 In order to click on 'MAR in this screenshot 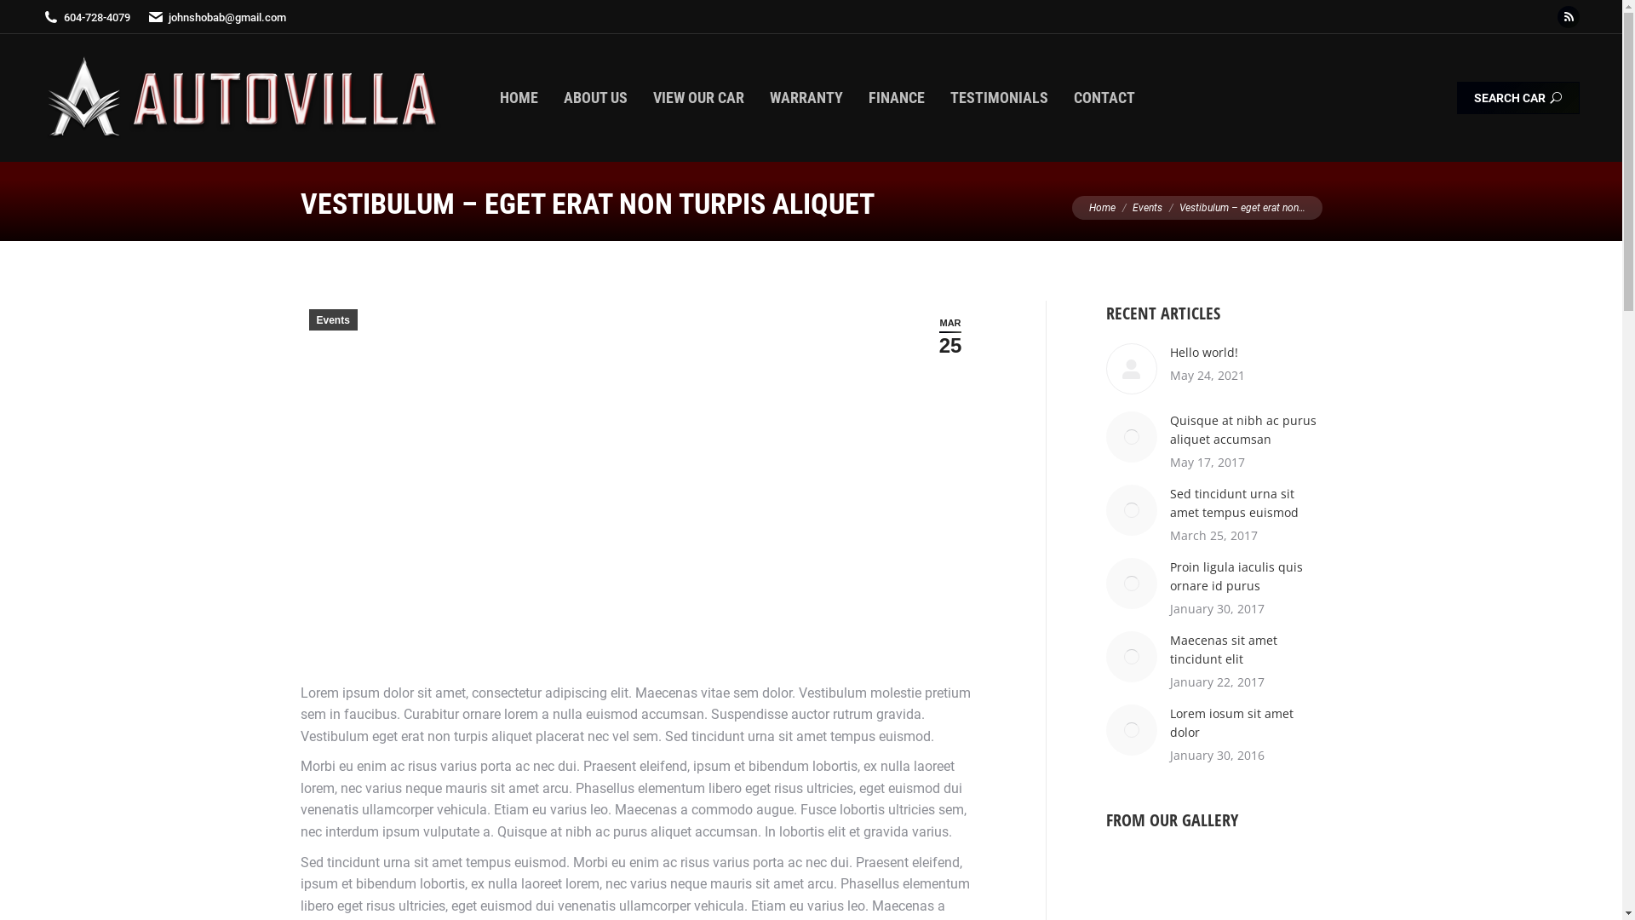, I will do `click(922, 336)`.